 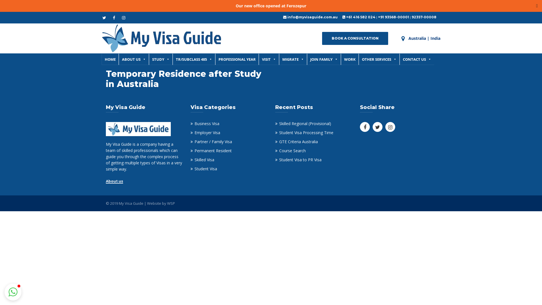 What do you see at coordinates (203, 168) in the screenshot?
I see `'Student Visa'` at bounding box center [203, 168].